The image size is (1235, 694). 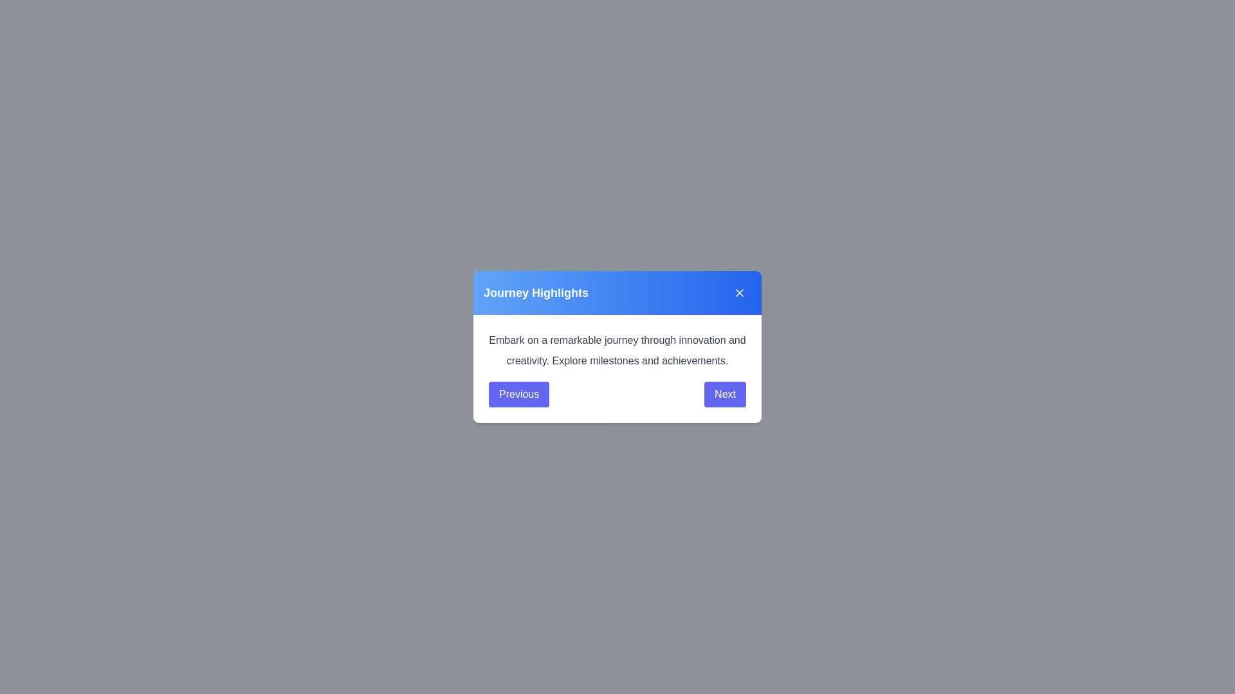 I want to click on the navigation button located at the bottom right of the modal dialog, so click(x=725, y=393).